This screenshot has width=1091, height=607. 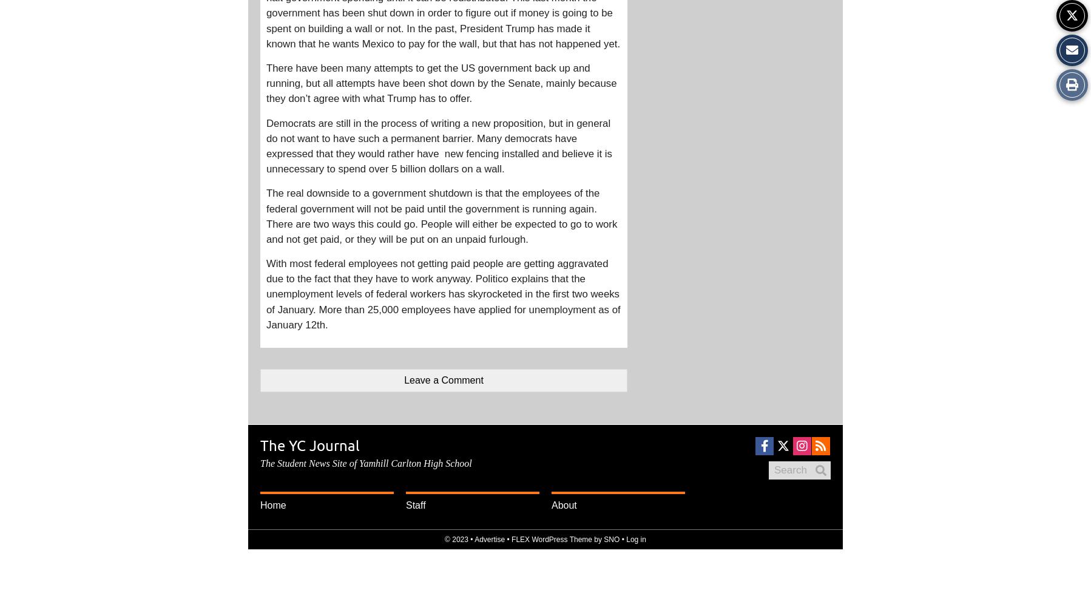 What do you see at coordinates (441, 215) in the screenshot?
I see `'The real downside to a government shutdown is that the employees of the federal government will not be paid until the government is running again. There are two ways this could go. People will either be expected to go to work and not get paid, or they will be put on an unpaid furlough.'` at bounding box center [441, 215].